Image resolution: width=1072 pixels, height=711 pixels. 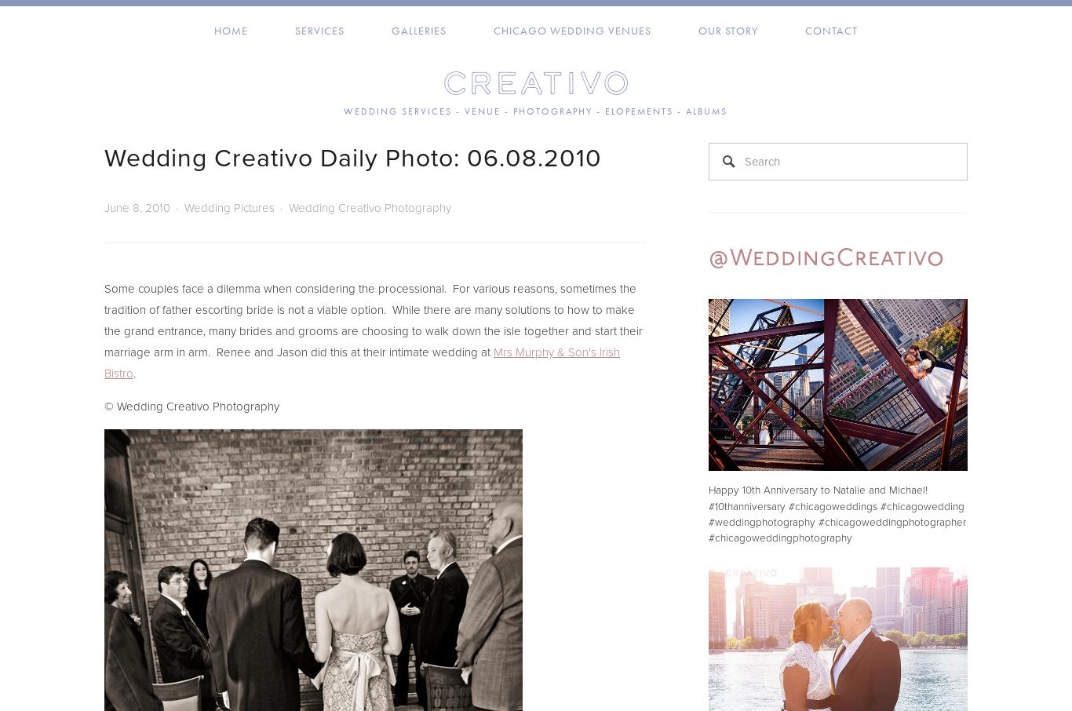 I want to click on 'Mrs Murphy & Son's Irish Bistro', so click(x=361, y=362).